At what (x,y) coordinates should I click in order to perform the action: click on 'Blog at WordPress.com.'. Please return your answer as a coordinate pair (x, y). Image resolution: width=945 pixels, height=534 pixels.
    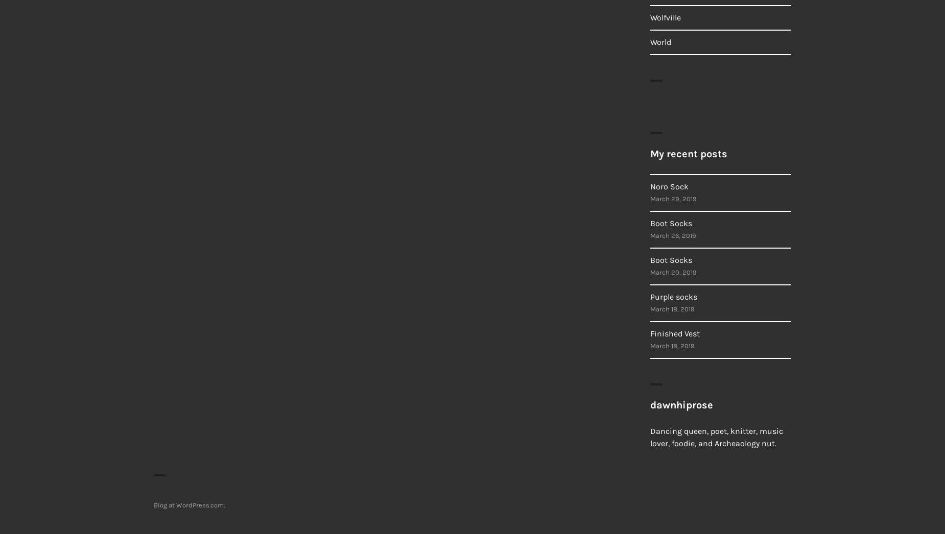
    Looking at the image, I should click on (188, 504).